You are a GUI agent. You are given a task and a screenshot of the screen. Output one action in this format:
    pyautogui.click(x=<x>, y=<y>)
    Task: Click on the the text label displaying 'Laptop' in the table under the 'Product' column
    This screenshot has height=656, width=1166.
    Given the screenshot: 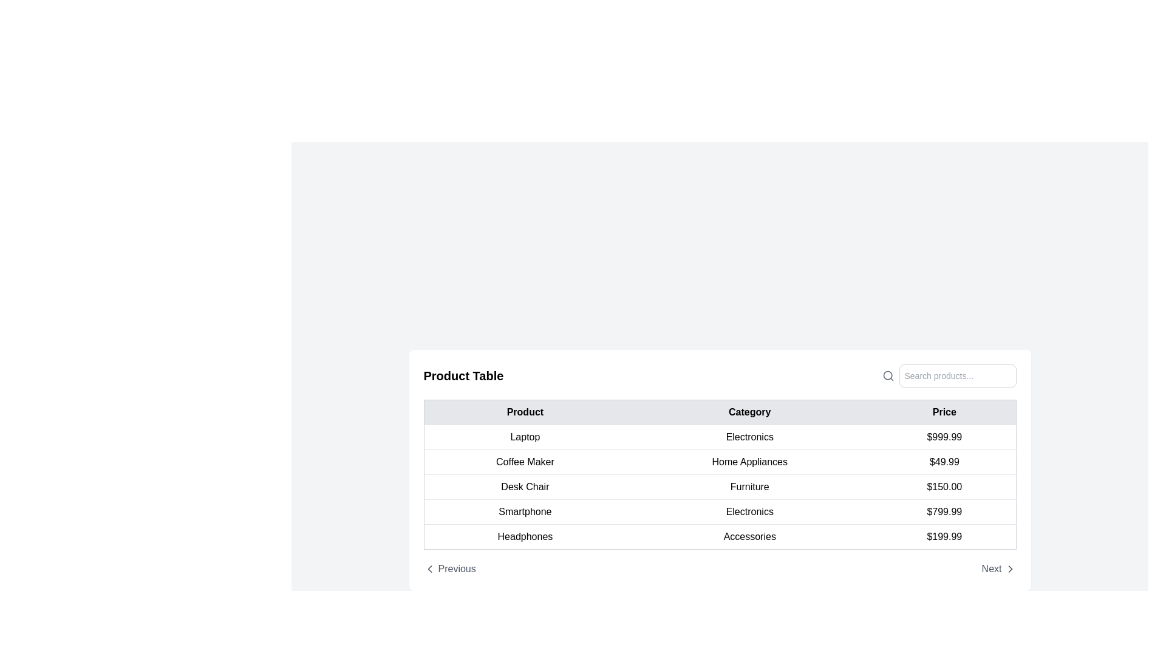 What is the action you would take?
    pyautogui.click(x=525, y=436)
    